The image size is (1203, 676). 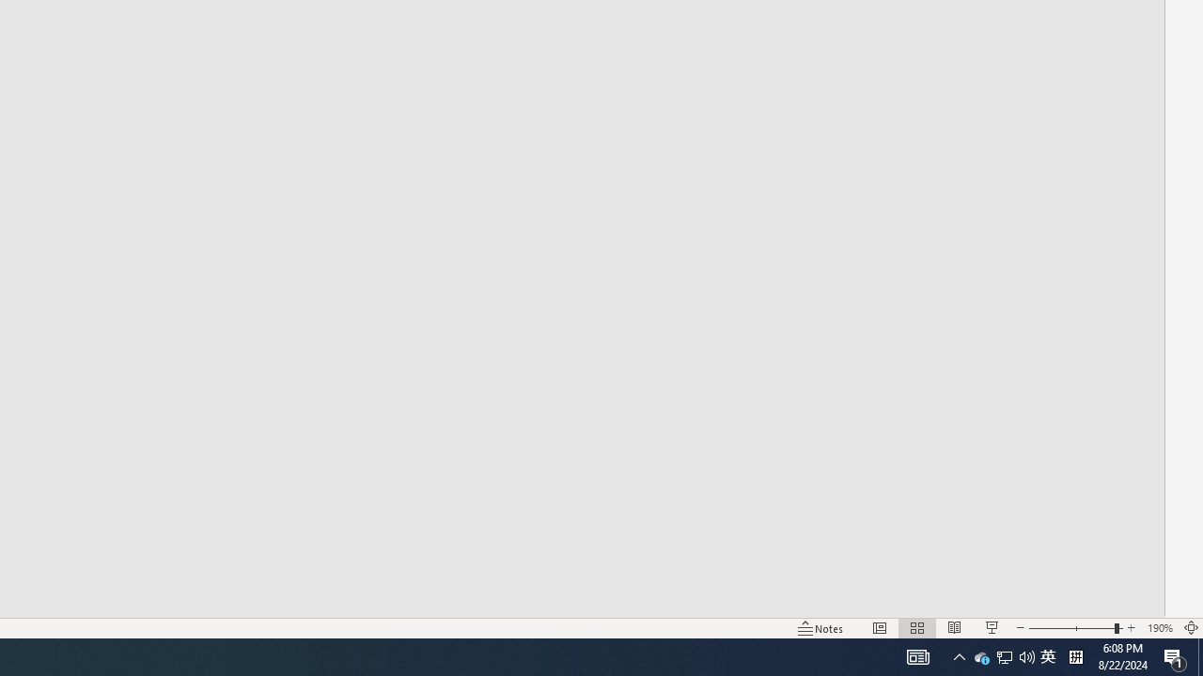 What do you see at coordinates (821, 628) in the screenshot?
I see `'Notes '` at bounding box center [821, 628].